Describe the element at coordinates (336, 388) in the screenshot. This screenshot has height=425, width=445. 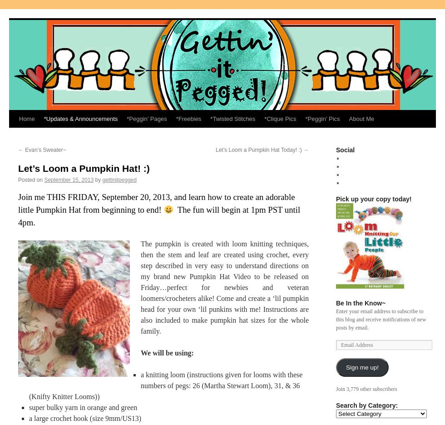
I see `'Join 3,779 other subscribers'` at that location.